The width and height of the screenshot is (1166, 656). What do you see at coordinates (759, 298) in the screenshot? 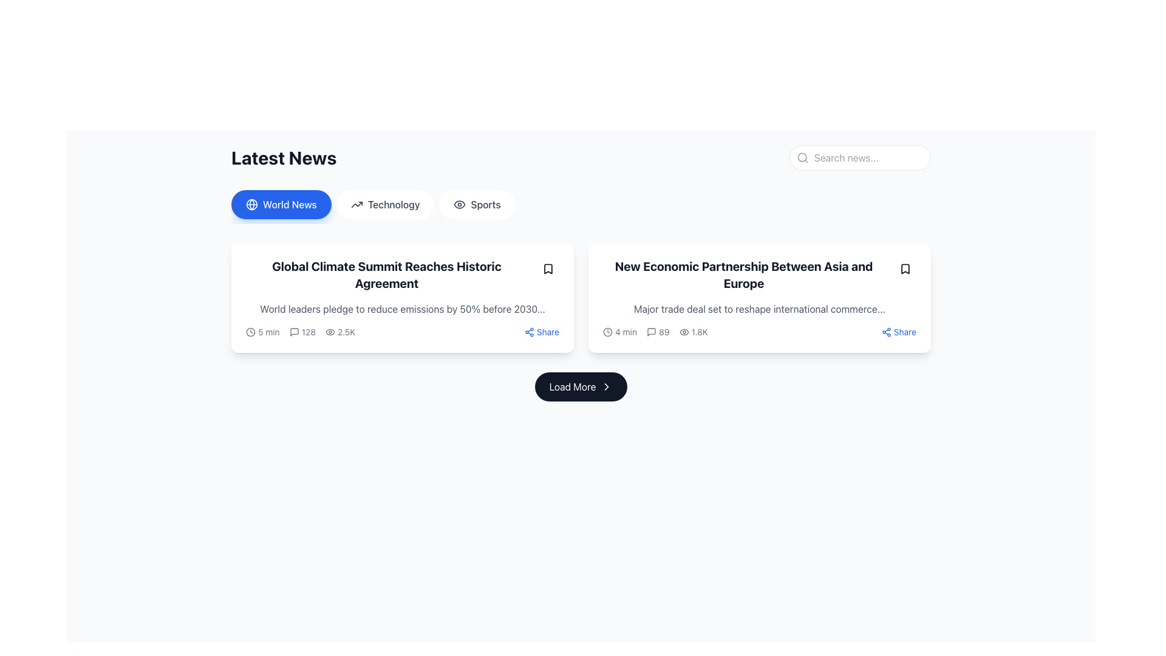
I see `the news article summary card displayed in the second column of the grid layout` at bounding box center [759, 298].